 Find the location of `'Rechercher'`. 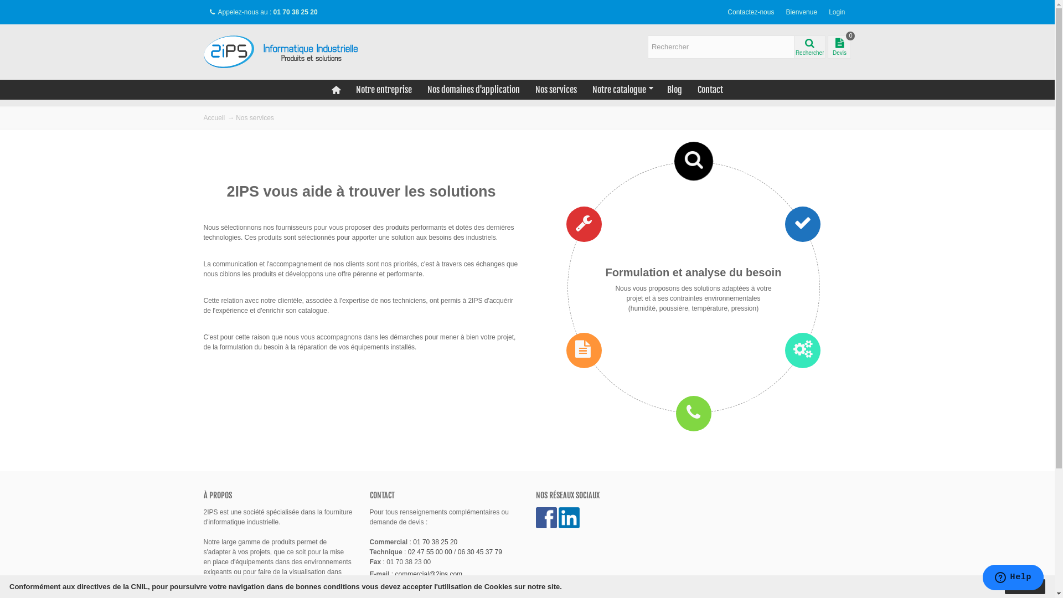

'Rechercher' is located at coordinates (810, 46).